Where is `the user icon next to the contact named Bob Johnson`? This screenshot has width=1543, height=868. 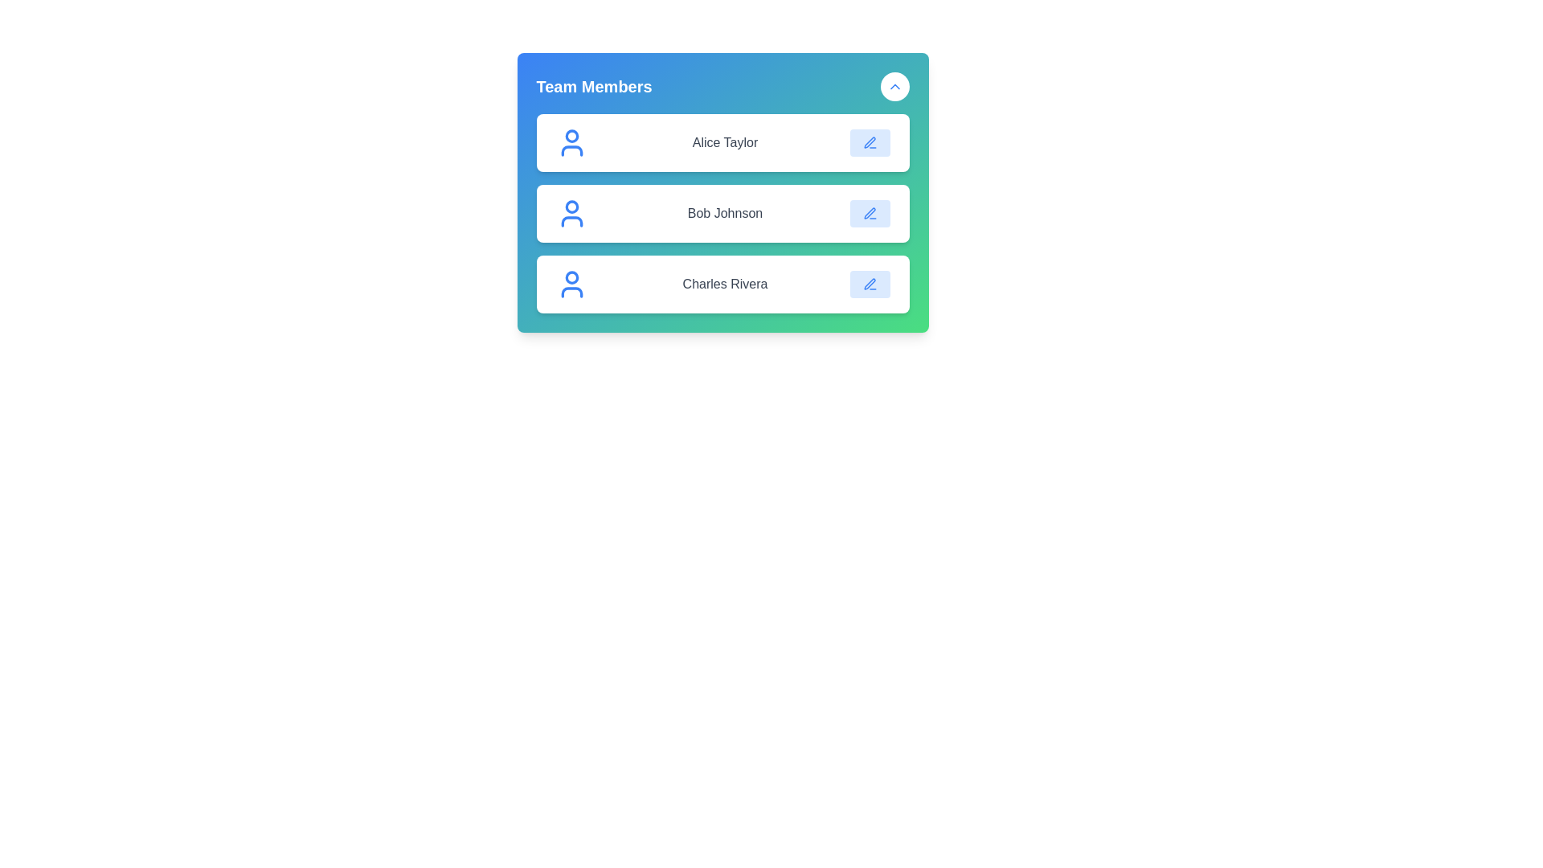 the user icon next to the contact named Bob Johnson is located at coordinates (571, 213).